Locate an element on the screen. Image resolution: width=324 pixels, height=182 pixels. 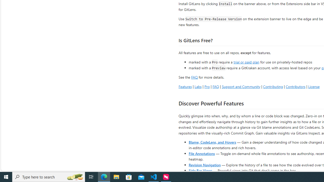
'Contributors' is located at coordinates (295, 86).